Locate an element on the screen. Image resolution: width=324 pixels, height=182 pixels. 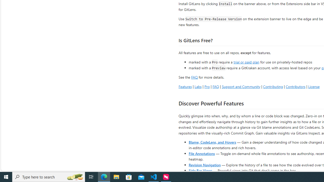
'Contributors' is located at coordinates (295, 86).